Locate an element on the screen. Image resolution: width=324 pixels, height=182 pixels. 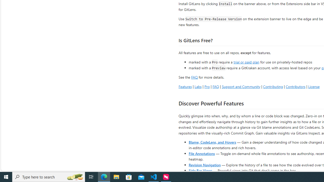
'Contributors' is located at coordinates (295, 86).